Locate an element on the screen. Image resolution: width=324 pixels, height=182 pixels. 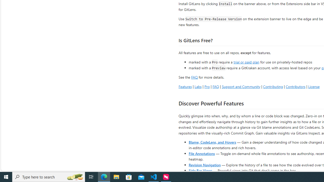
'Contributors' is located at coordinates (295, 86).